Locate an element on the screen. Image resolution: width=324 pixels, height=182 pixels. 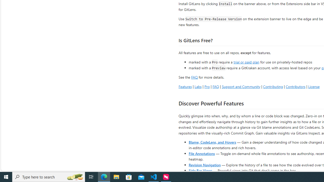
'Contributors' is located at coordinates (295, 86).